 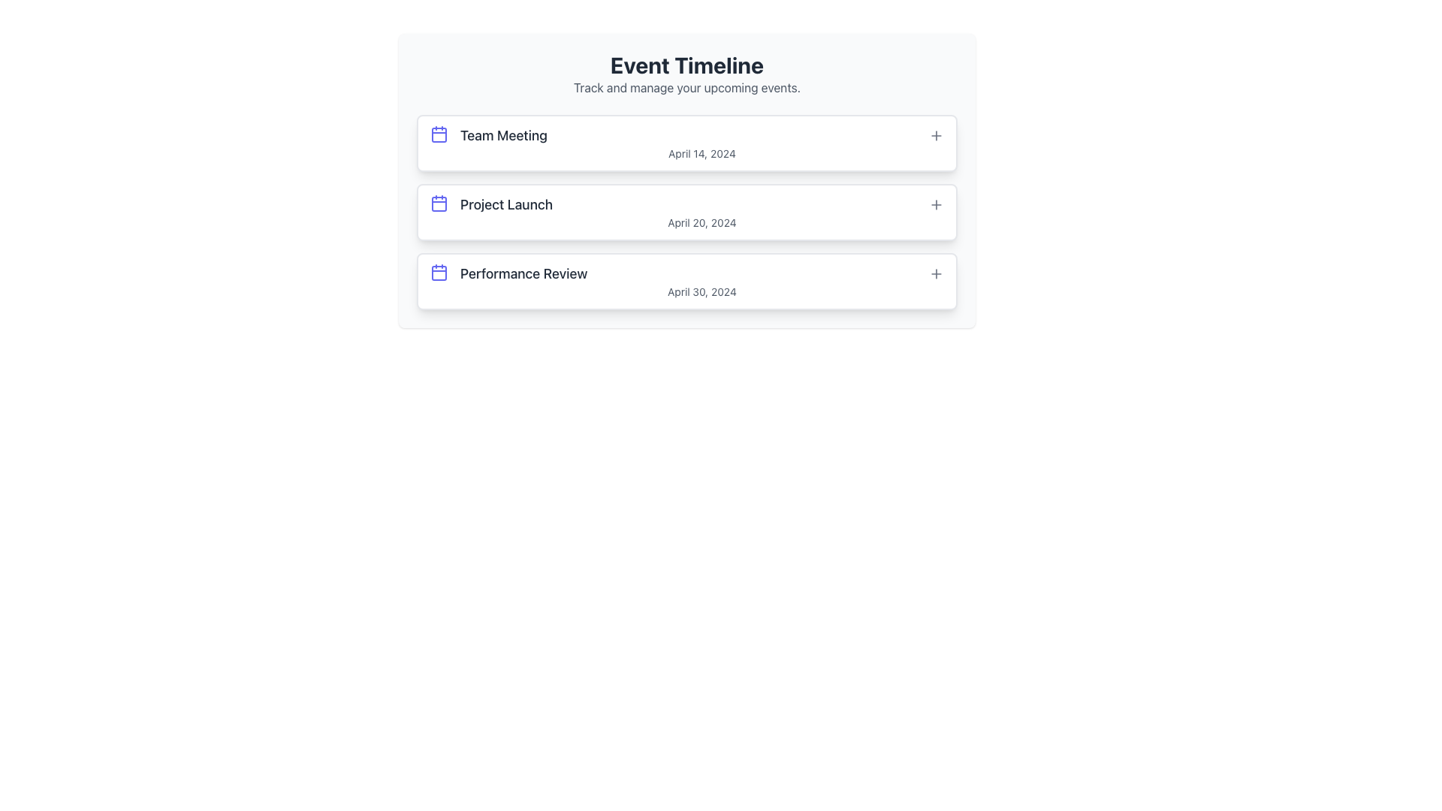 What do you see at coordinates (439, 272) in the screenshot?
I see `the indigo calendar icon located to the left of the 'Performance Review' label in the 'Event Timeline' section` at bounding box center [439, 272].